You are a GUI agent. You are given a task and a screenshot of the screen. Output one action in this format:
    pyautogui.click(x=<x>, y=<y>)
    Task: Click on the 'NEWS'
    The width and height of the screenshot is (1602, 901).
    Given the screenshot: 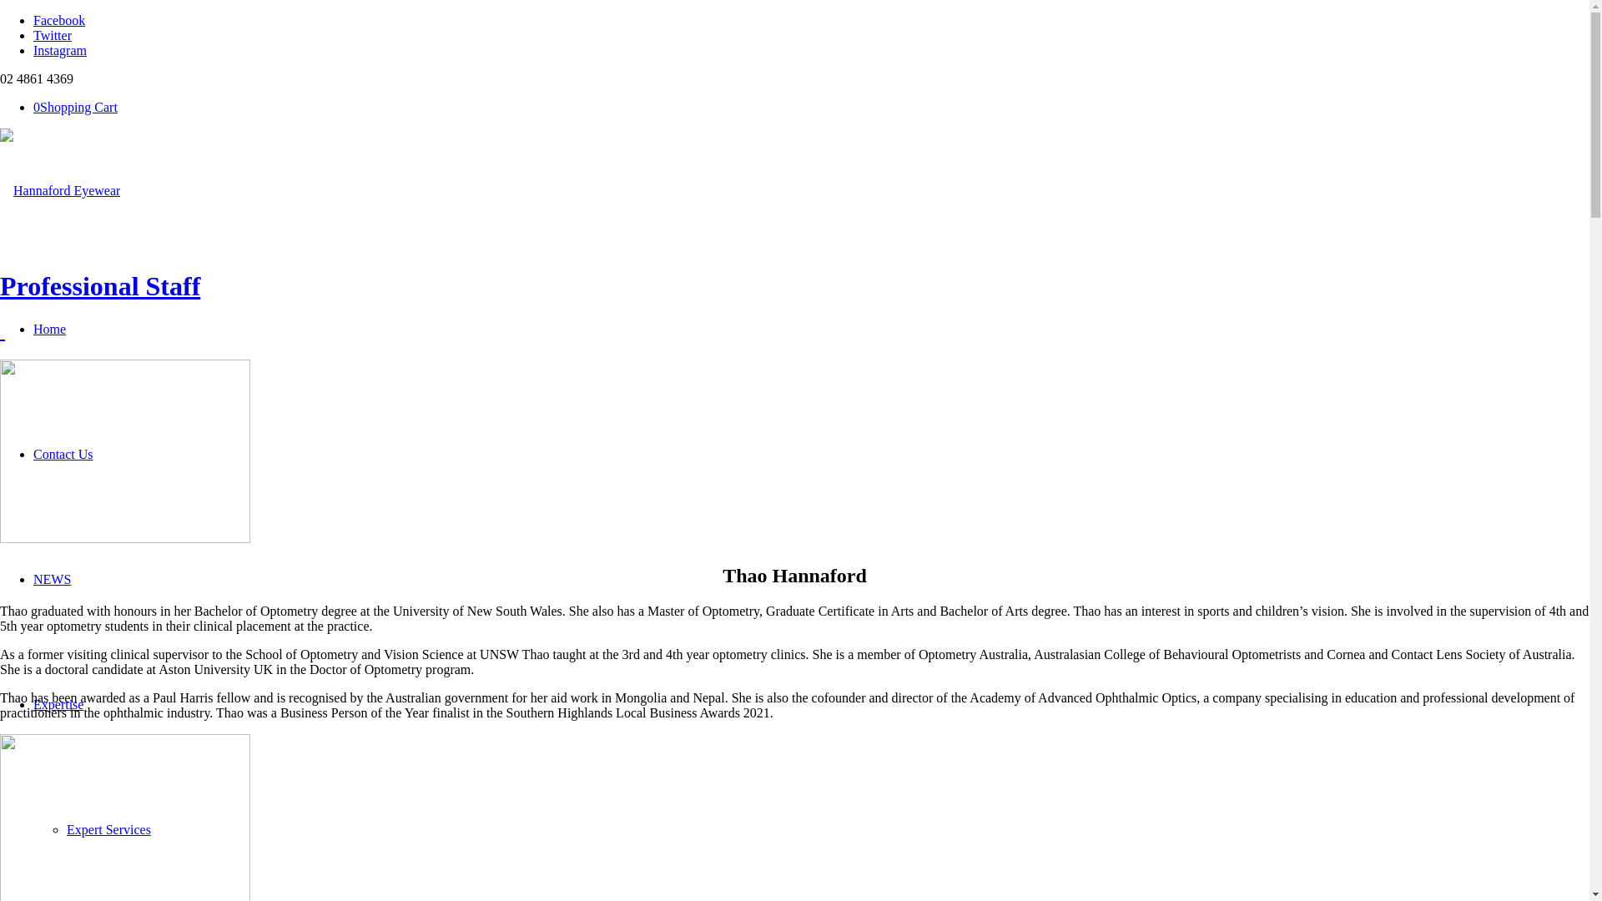 What is the action you would take?
    pyautogui.click(x=52, y=578)
    